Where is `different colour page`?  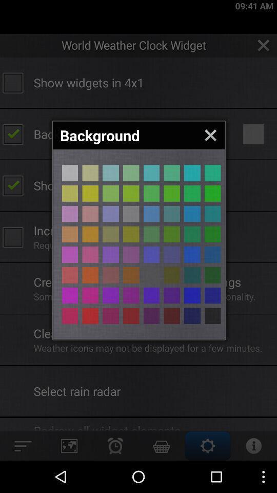 different colour page is located at coordinates (69, 274).